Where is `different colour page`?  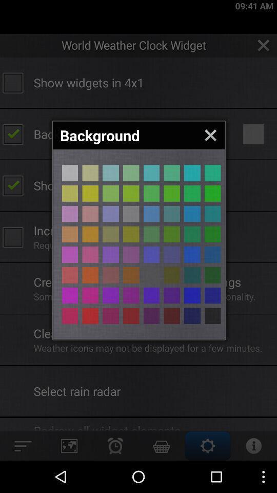 different colour page is located at coordinates (69, 274).